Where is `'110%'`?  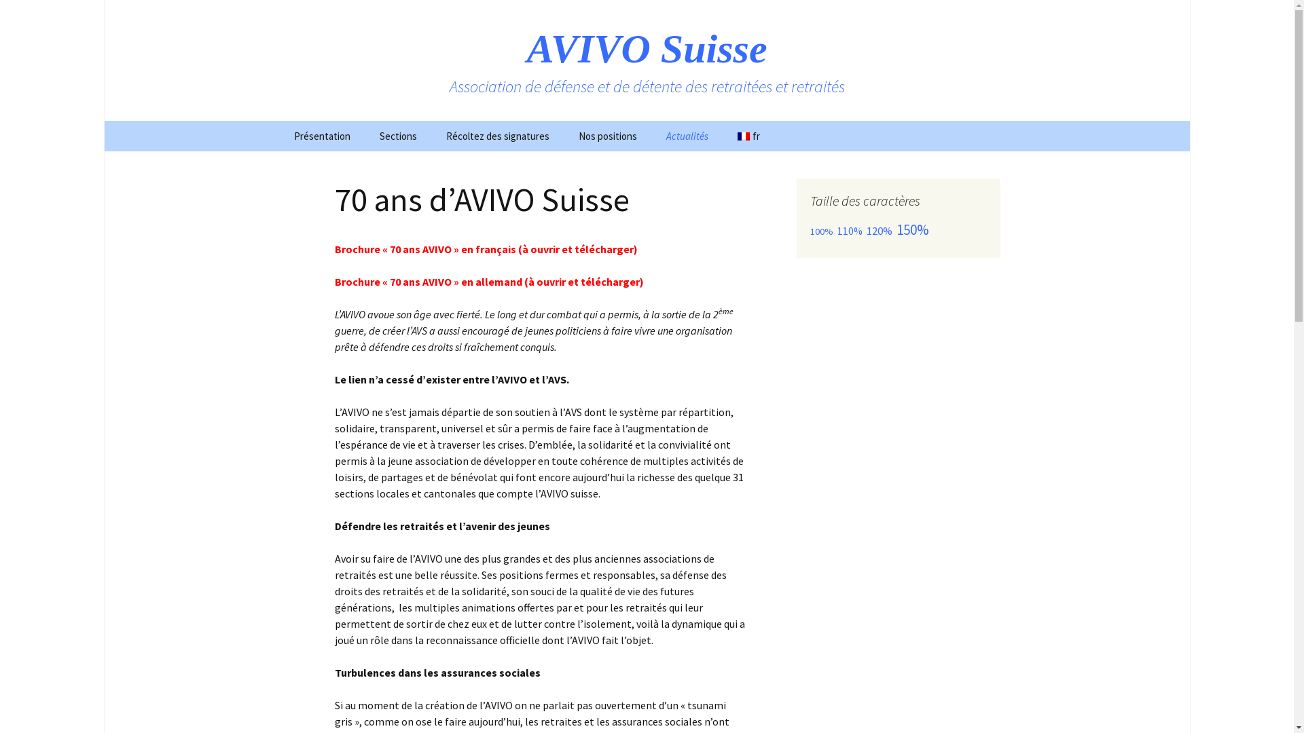
'110%' is located at coordinates (848, 230).